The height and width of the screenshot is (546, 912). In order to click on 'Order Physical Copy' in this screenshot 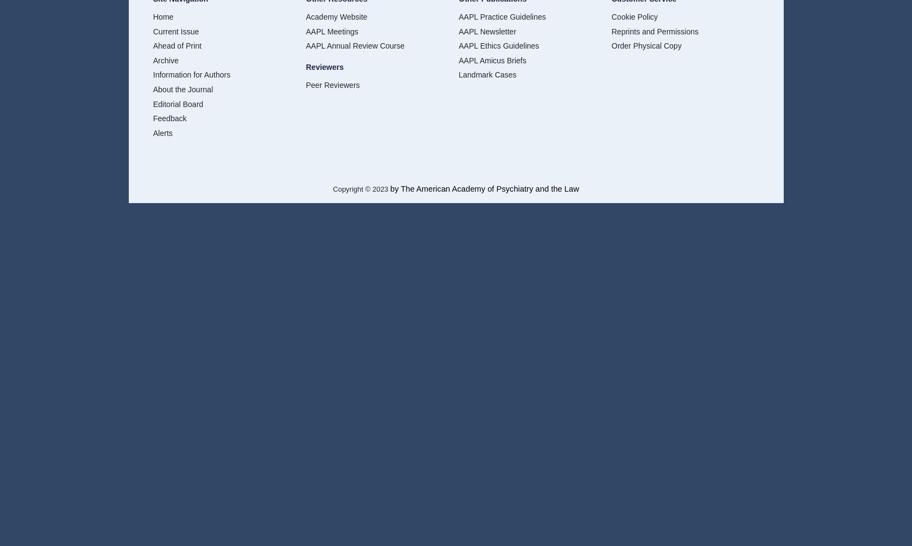, I will do `click(646, 45)`.